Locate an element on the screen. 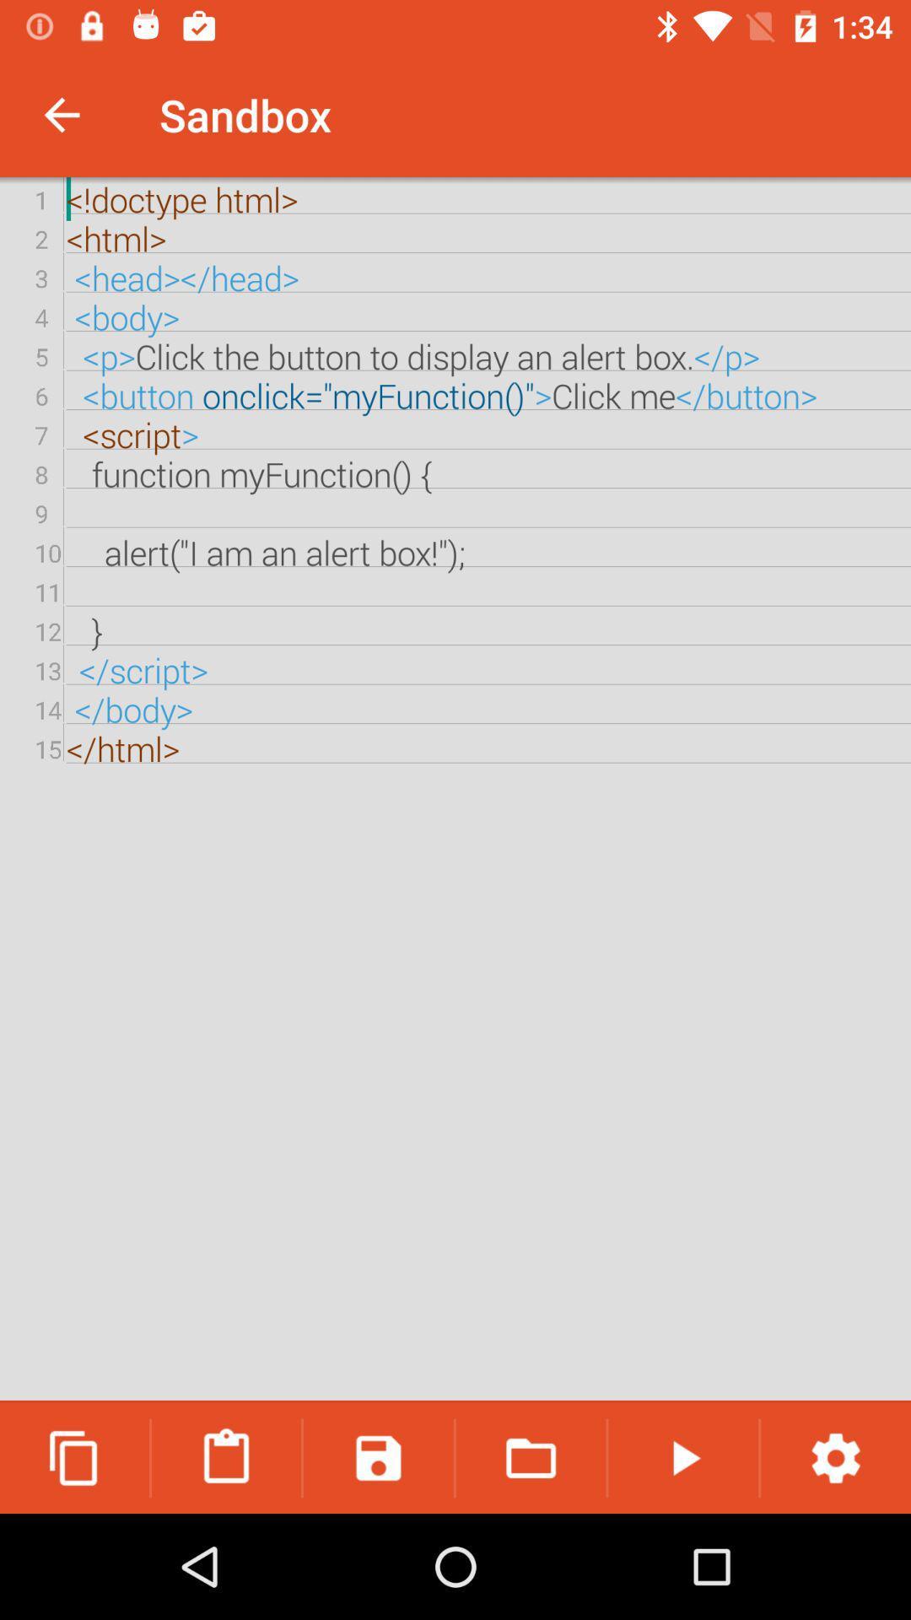 The width and height of the screenshot is (911, 1620). the settings icon is located at coordinates (836, 1457).